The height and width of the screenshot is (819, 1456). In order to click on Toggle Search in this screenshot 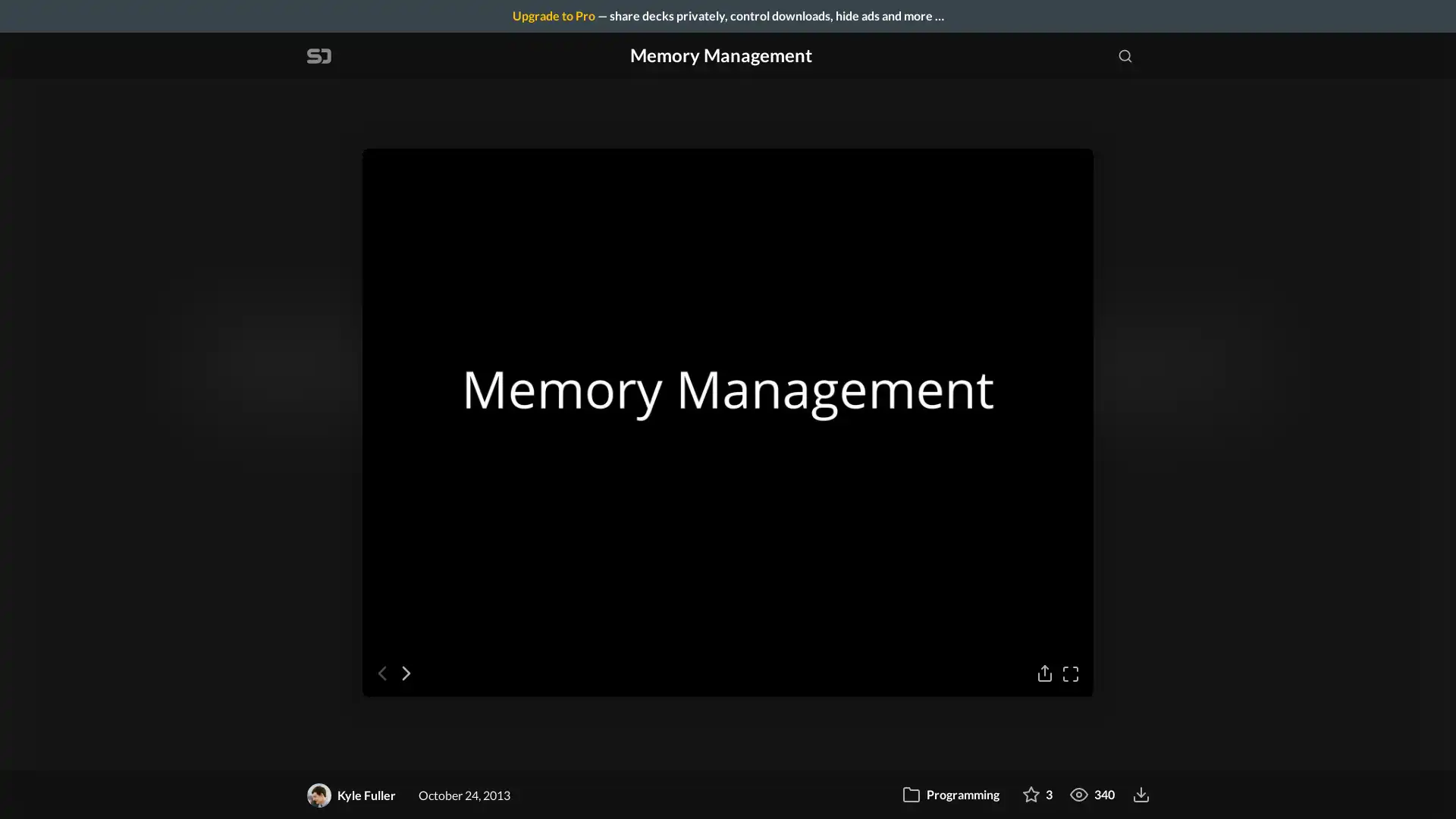, I will do `click(1125, 55)`.